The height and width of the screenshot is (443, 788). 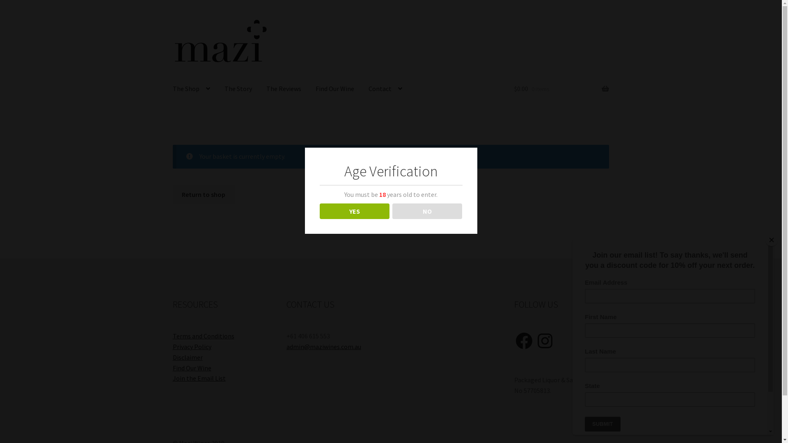 What do you see at coordinates (355, 211) in the screenshot?
I see `'YES'` at bounding box center [355, 211].